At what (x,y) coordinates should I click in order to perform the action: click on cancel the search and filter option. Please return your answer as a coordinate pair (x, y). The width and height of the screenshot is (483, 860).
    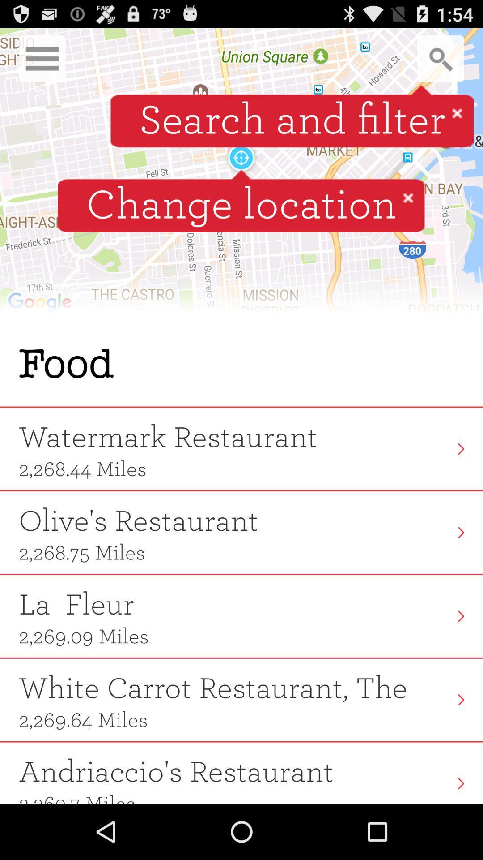
    Looking at the image, I should click on (457, 112).